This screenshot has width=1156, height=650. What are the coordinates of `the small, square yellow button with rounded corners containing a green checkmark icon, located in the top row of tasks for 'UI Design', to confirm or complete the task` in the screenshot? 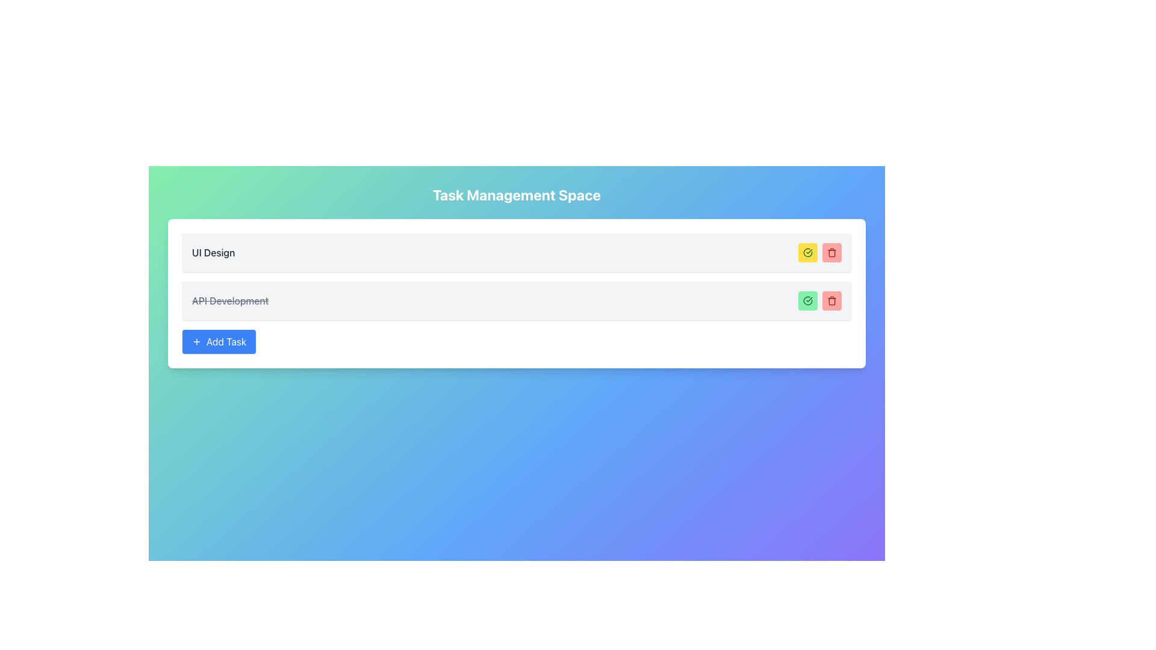 It's located at (808, 252).